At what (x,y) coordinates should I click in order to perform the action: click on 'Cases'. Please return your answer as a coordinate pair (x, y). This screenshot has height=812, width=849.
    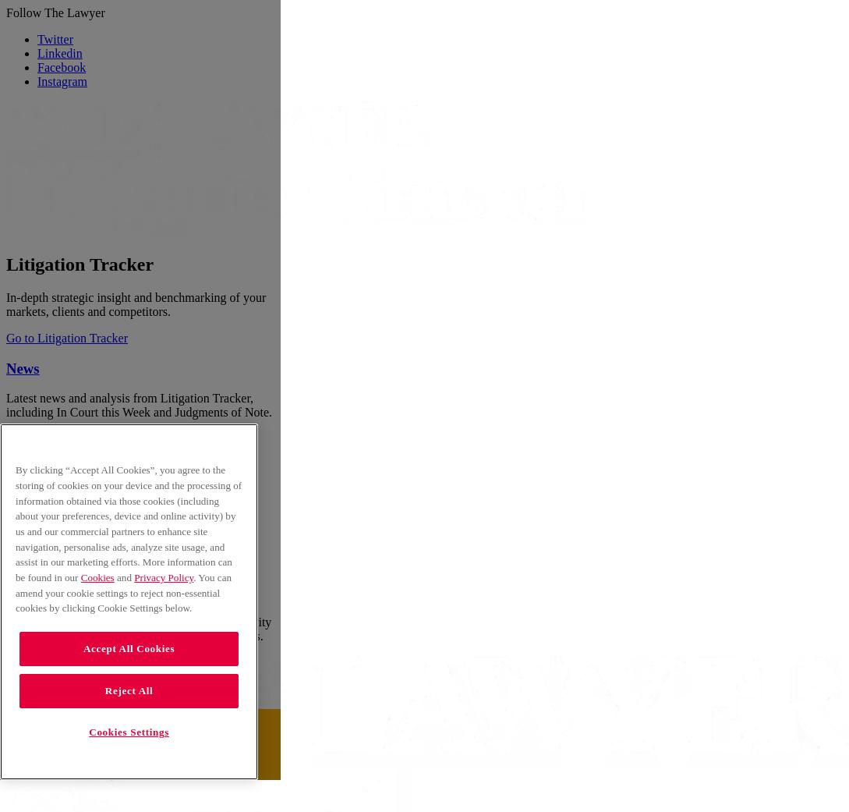
    Looking at the image, I should click on (23, 516).